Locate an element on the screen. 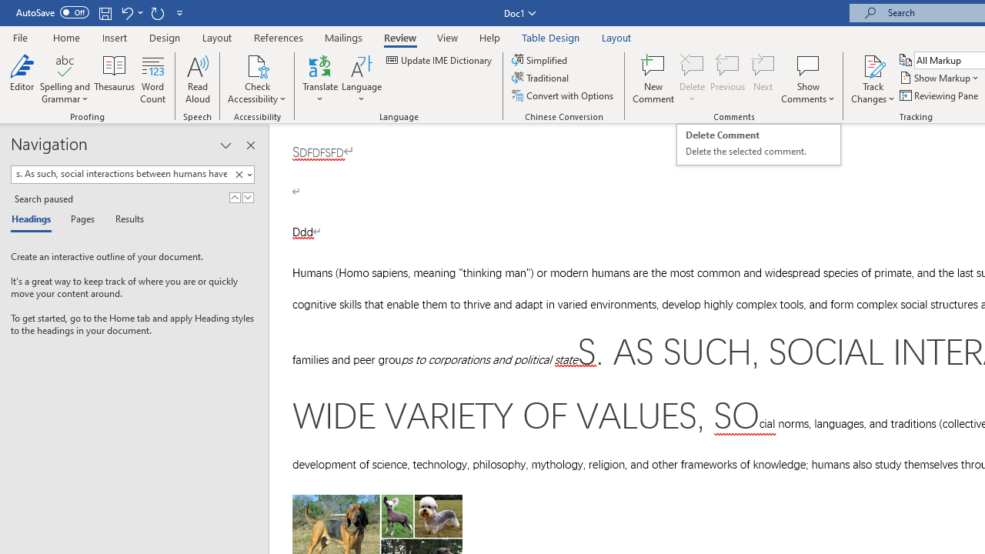 The image size is (985, 554). 'Repeat Style' is located at coordinates (157, 12).